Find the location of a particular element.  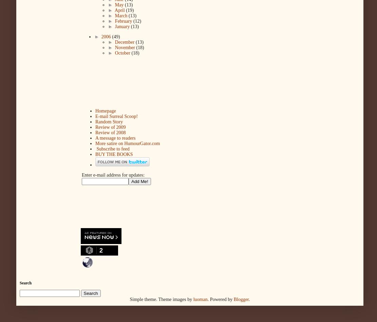

'2' is located at coordinates (100, 250).